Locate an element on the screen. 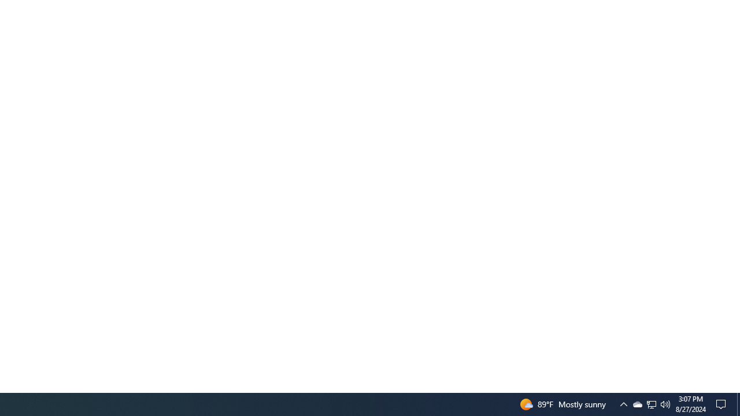  'User Promoted Notification Area' is located at coordinates (637, 403).